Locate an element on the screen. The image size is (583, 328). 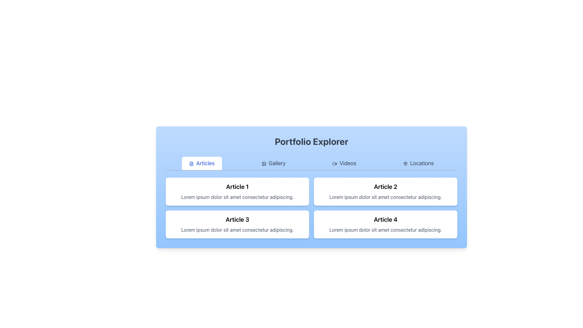
the document icon located to the left of the 'Articles' text in the white tab background is located at coordinates (191, 163).